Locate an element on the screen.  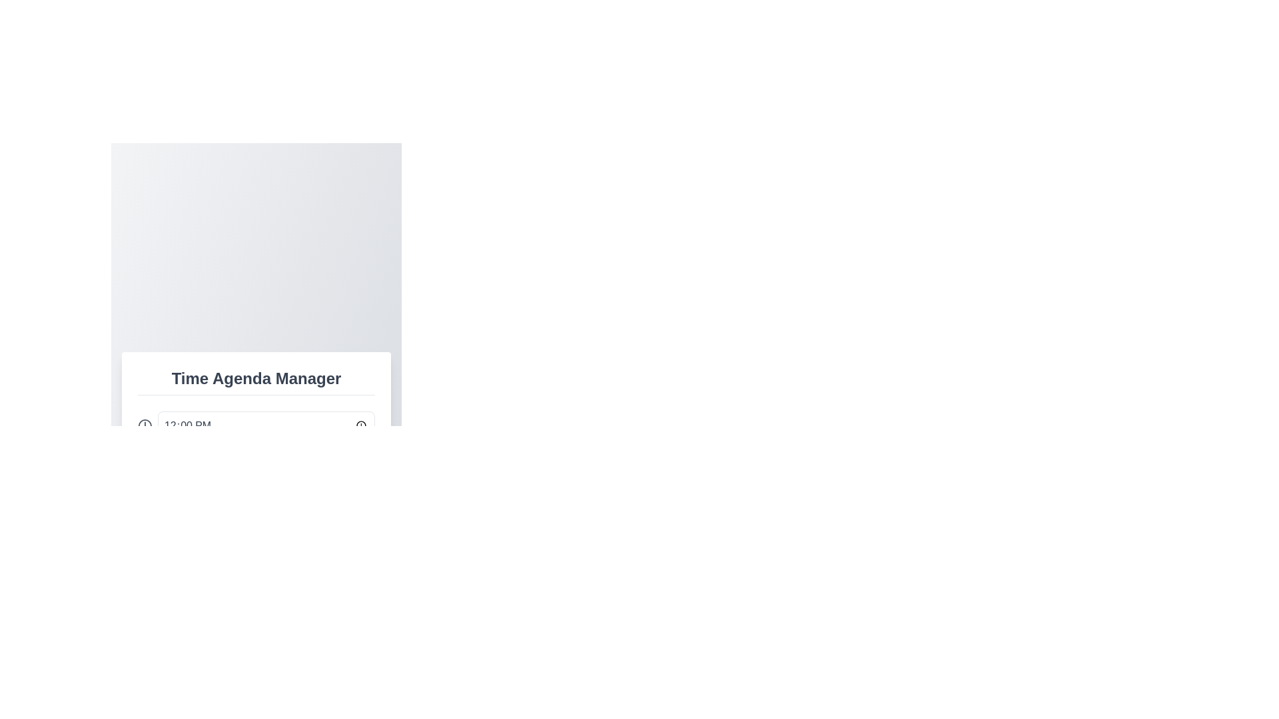
the clock icon, which is a grayish circular icon with two hands, located at the leftmost part of a horizontal group before a time input field is located at coordinates (145, 425).